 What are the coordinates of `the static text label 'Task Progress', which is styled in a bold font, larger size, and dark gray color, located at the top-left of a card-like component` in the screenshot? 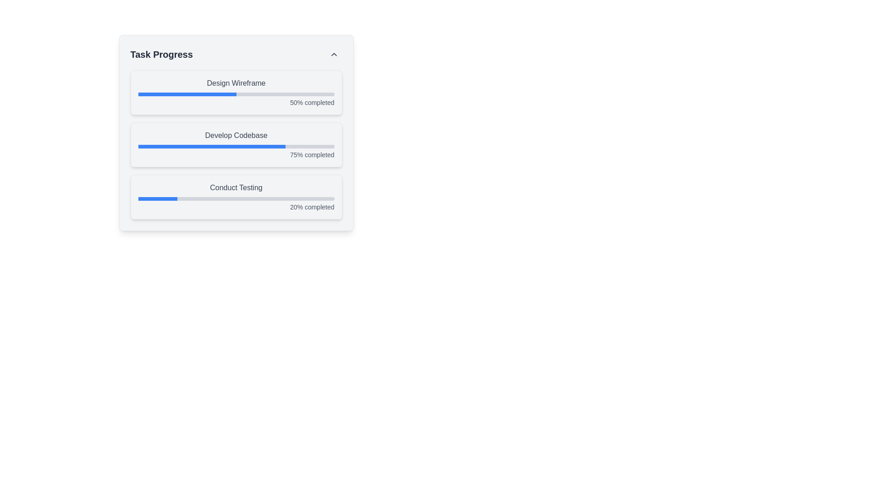 It's located at (161, 55).